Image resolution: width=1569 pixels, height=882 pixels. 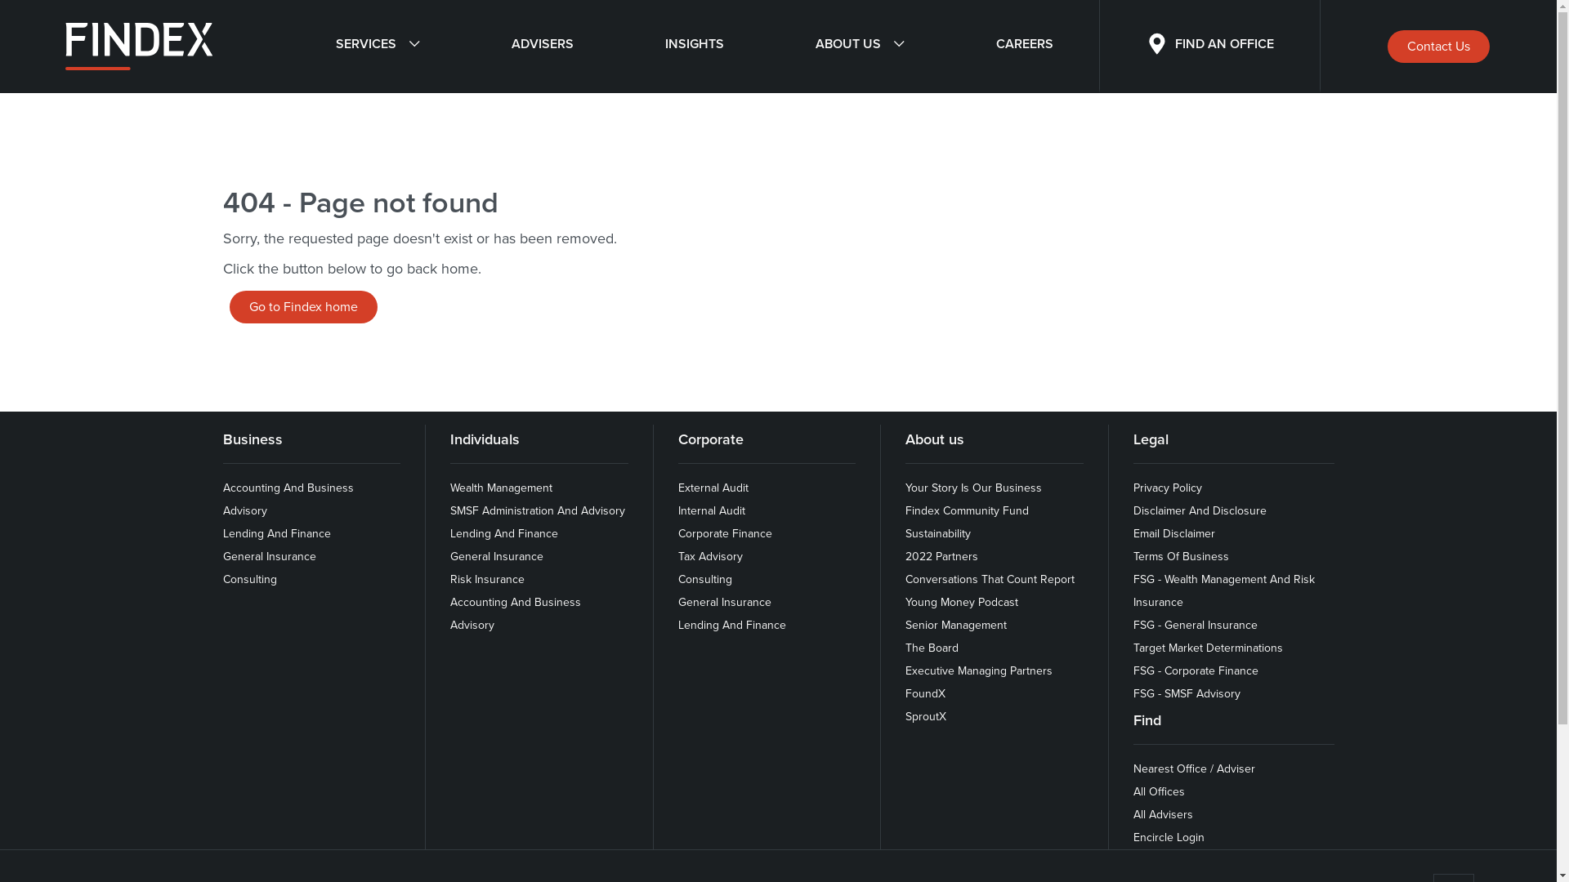 What do you see at coordinates (989, 578) in the screenshot?
I see `'Conversations That Count Report'` at bounding box center [989, 578].